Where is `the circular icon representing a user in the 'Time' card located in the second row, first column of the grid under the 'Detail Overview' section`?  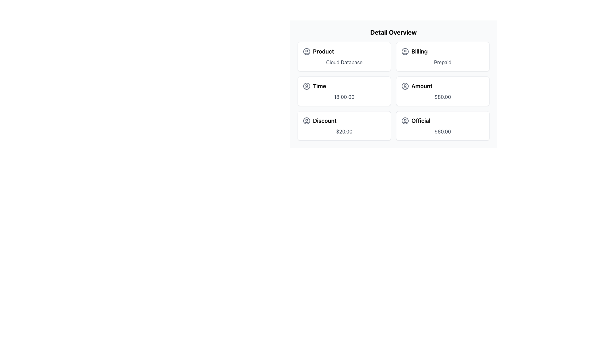
the circular icon representing a user in the 'Time' card located in the second row, first column of the grid under the 'Detail Overview' section is located at coordinates (306, 86).